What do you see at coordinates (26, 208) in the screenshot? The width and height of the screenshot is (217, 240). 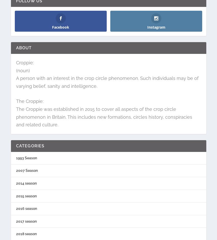 I see `'2016 season'` at bounding box center [26, 208].